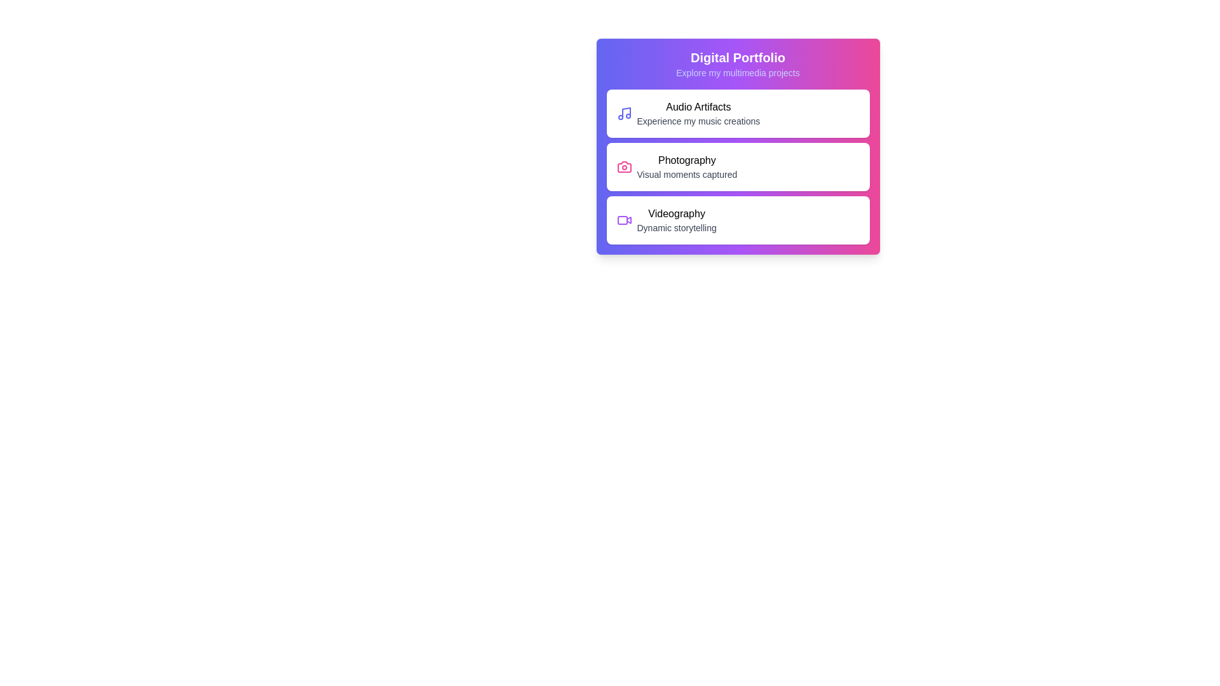 Image resolution: width=1220 pixels, height=686 pixels. What do you see at coordinates (698, 121) in the screenshot?
I see `the text label that reads 'Experience my music creations', which is styled in light gray and positioned below the heading 'Audio Artifacts'` at bounding box center [698, 121].